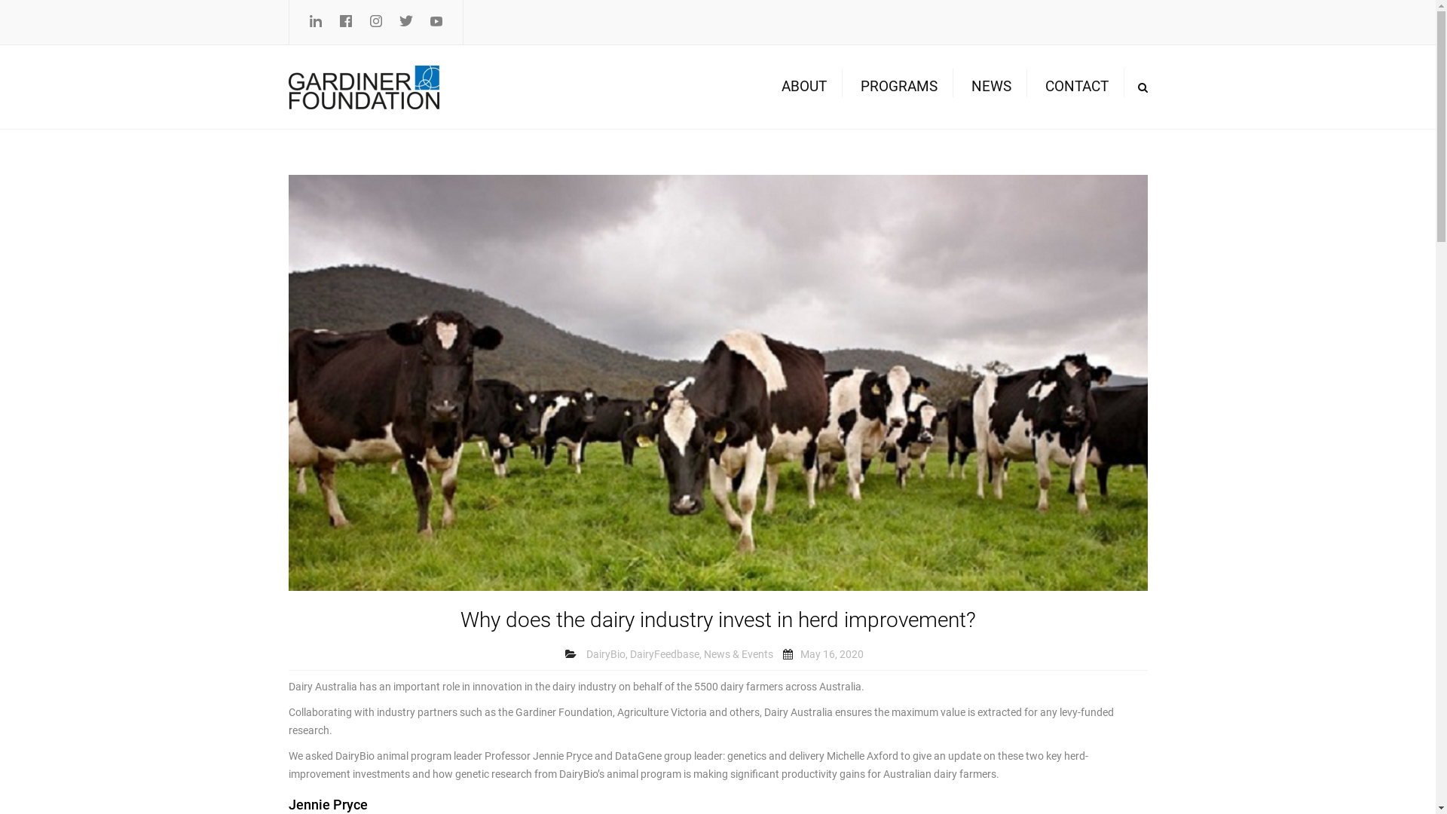  What do you see at coordinates (703, 653) in the screenshot?
I see `'News & Events'` at bounding box center [703, 653].